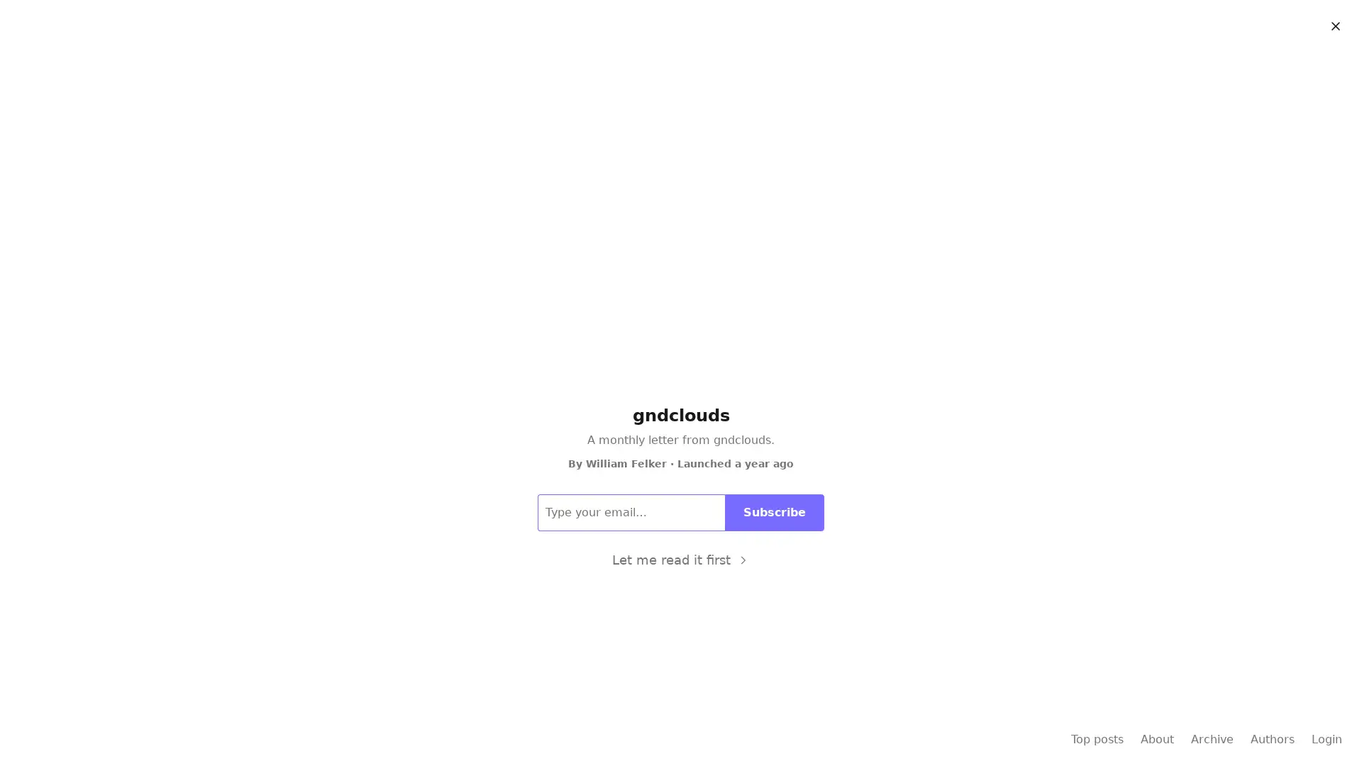 The height and width of the screenshot is (766, 1362). Describe the element at coordinates (682, 62) in the screenshot. I see `Archive` at that location.